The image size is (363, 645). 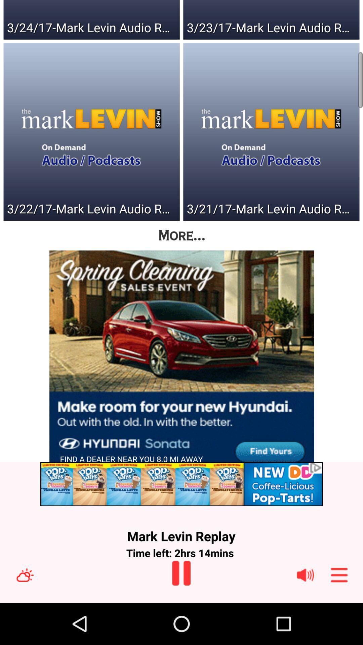 What do you see at coordinates (305, 574) in the screenshot?
I see `click the mute button` at bounding box center [305, 574].